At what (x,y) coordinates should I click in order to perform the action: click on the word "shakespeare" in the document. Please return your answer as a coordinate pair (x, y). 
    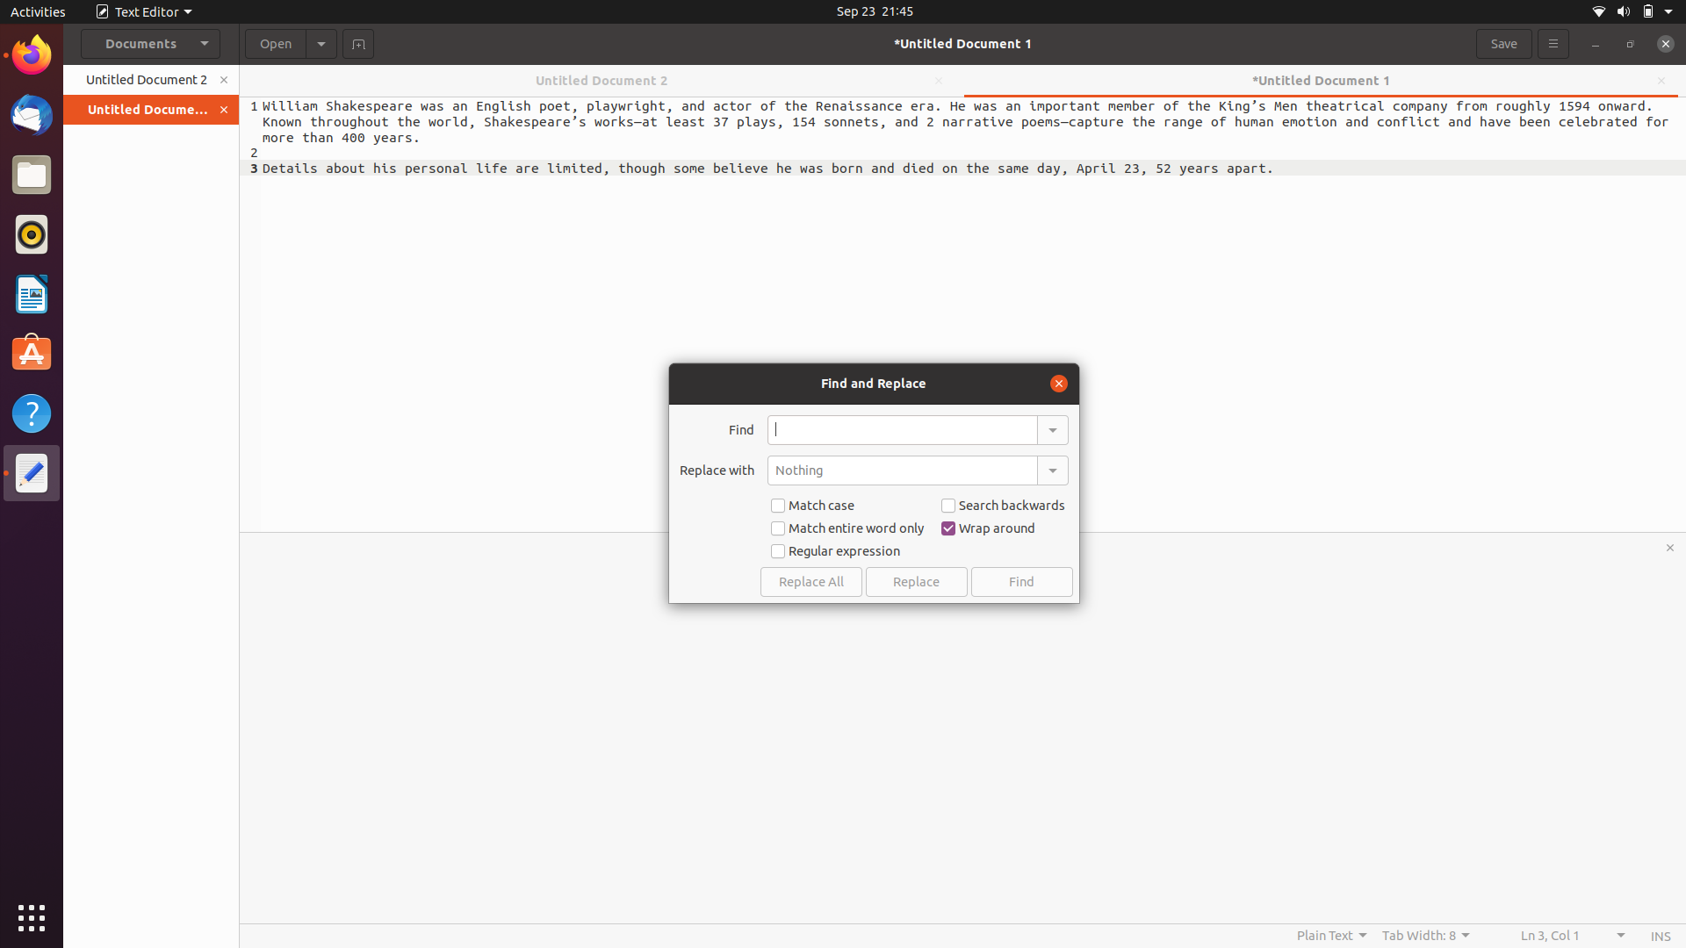
    Looking at the image, I should click on (902, 429).